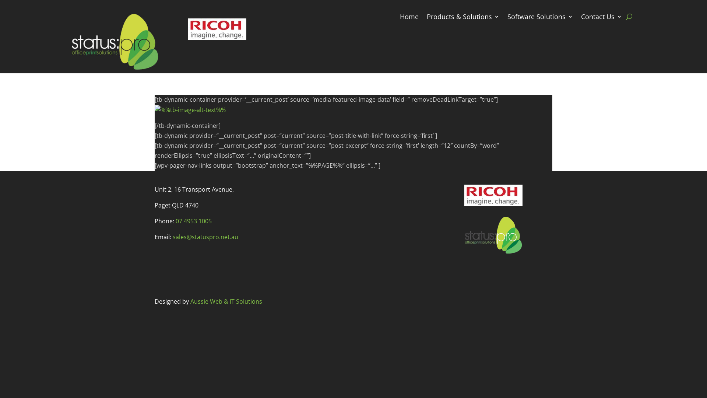 The width and height of the screenshot is (707, 398). Describe the element at coordinates (175, 221) in the screenshot. I see `'07 4953 1005'` at that location.